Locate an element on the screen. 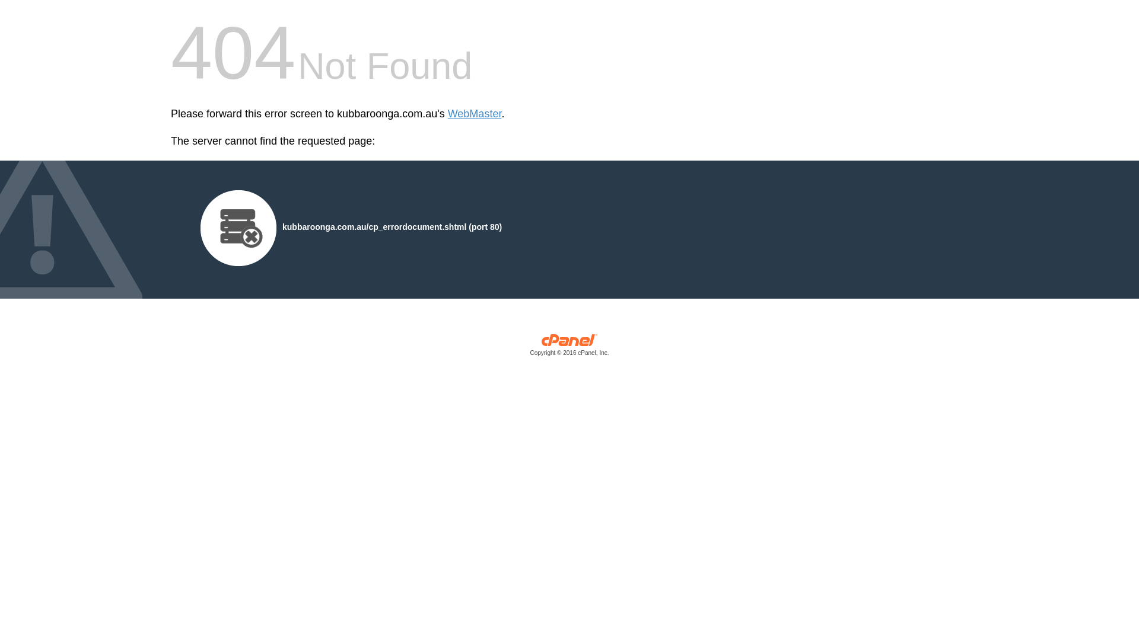  'WebMaster' is located at coordinates (475, 114).